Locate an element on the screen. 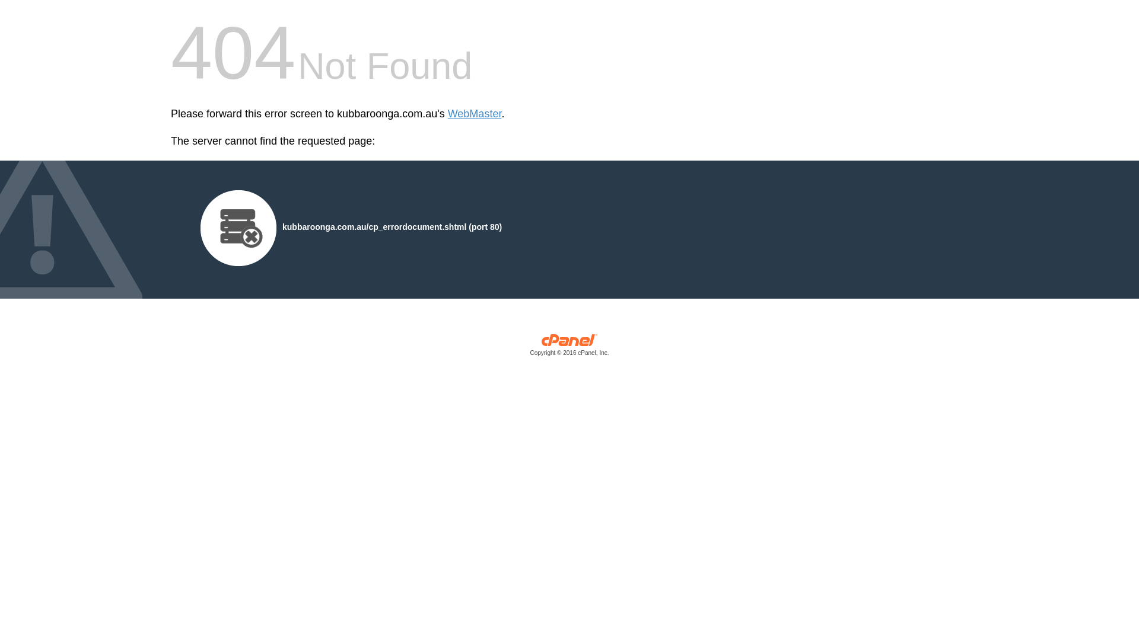  'WebMaster' is located at coordinates (475, 114).